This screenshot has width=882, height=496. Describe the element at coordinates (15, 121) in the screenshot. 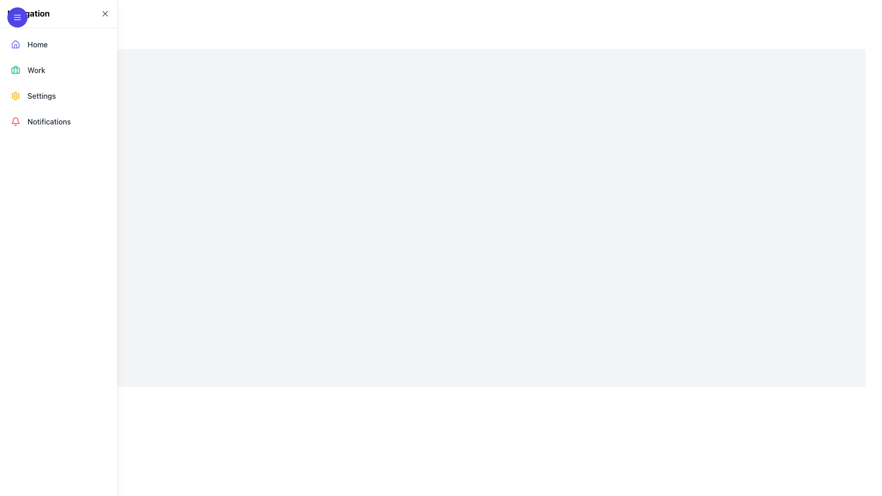

I see `the bell icon representing notifications, located to the left of the 'Notifications' text in the left sidebar` at that location.